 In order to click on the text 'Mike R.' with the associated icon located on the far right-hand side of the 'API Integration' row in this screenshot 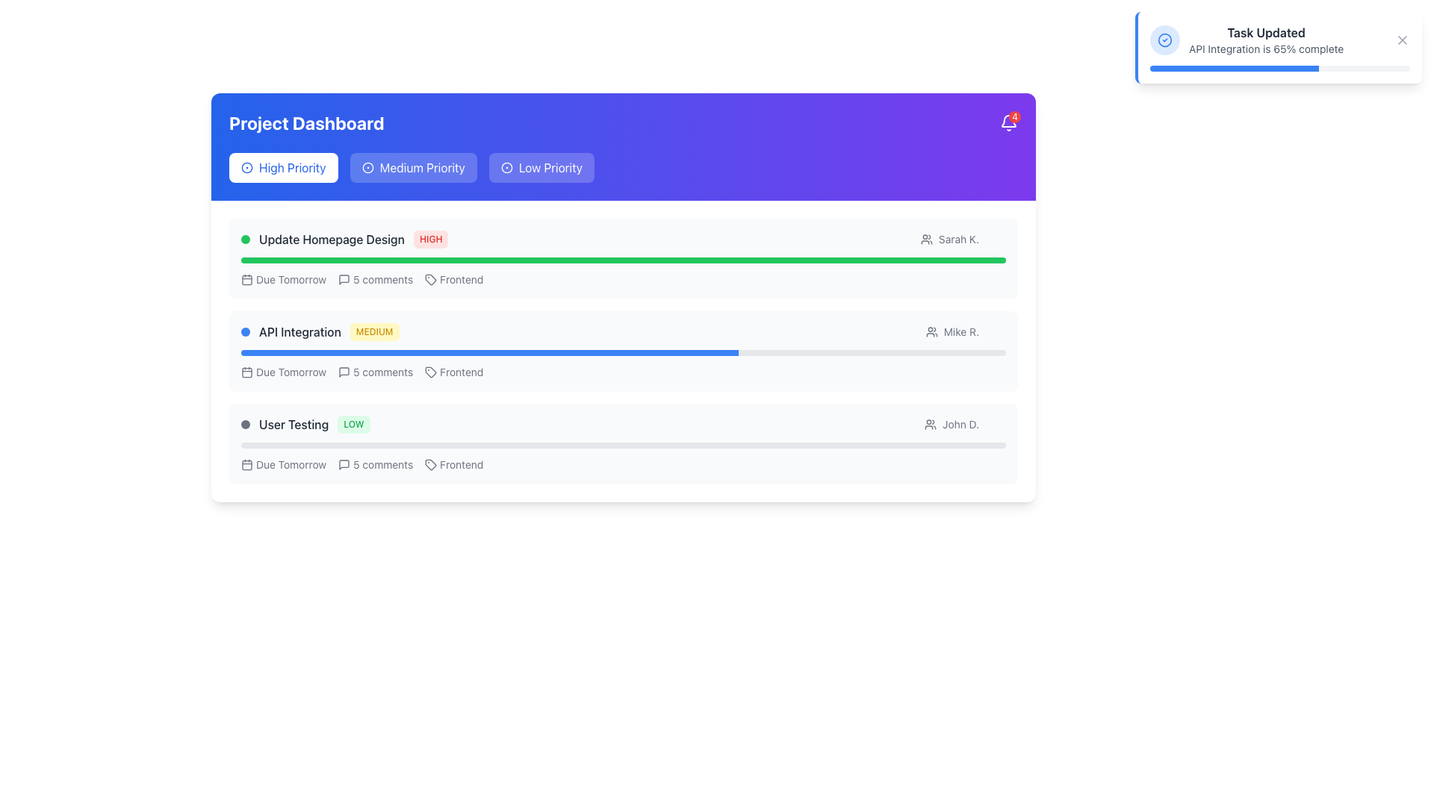, I will do `click(966, 331)`.